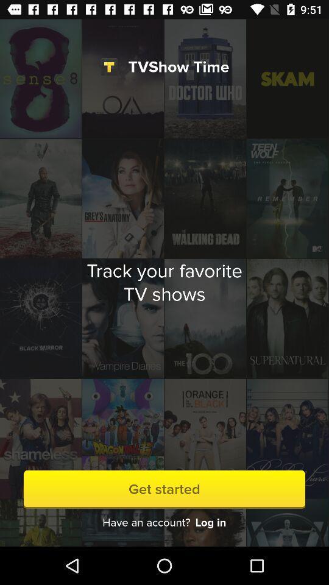 This screenshot has width=329, height=585. Describe the element at coordinates (210, 522) in the screenshot. I see `icon next to the have an account? item` at that location.